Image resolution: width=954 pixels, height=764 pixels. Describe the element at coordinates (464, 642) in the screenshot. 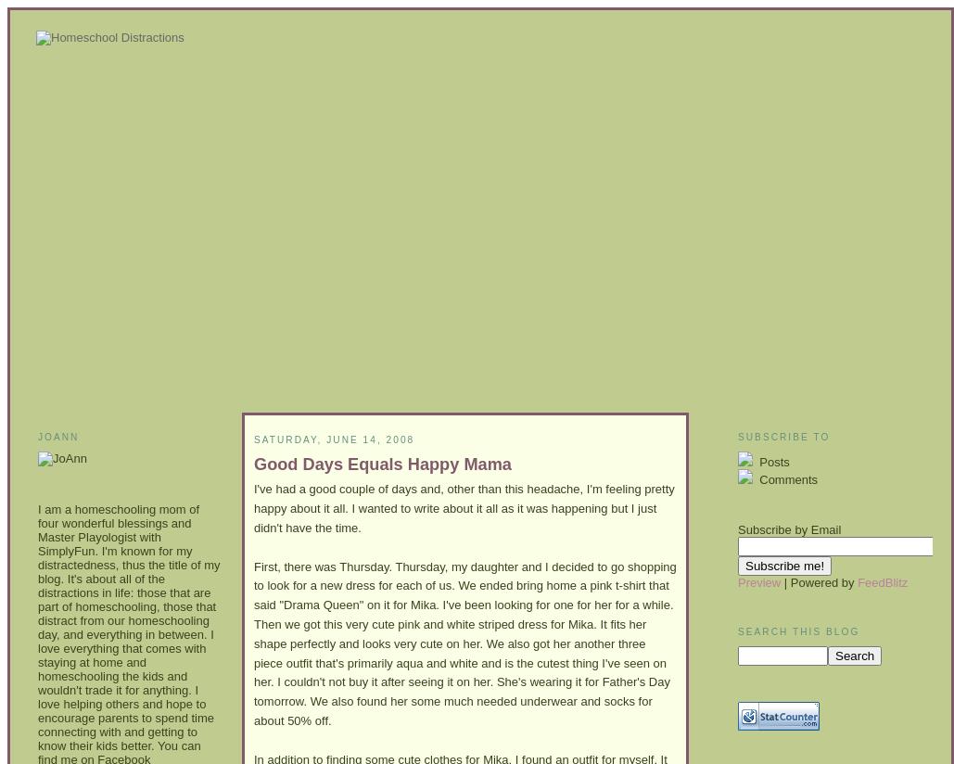

I see `'First, there was Thursday. Thursday, my daughter and I decided to go shopping to look for a new dress for each of us. We ended bring home a pink t-shirt that said "Drama Queen" on it for Mika. I've been looking for one for her for a while. Then we got this very cute pink and white striped dress for Mika. It fits her shape perfectly and looks very cute on her. We also got her another three piece outfit that's primarily aqua and white and is the cutest thing I've seen on her. I couldn't not buy it after seeing it on her. She's wearing it for Father's Day tomorrow. We also found her some much needed underwear and socks for about 50% off.'` at that location.